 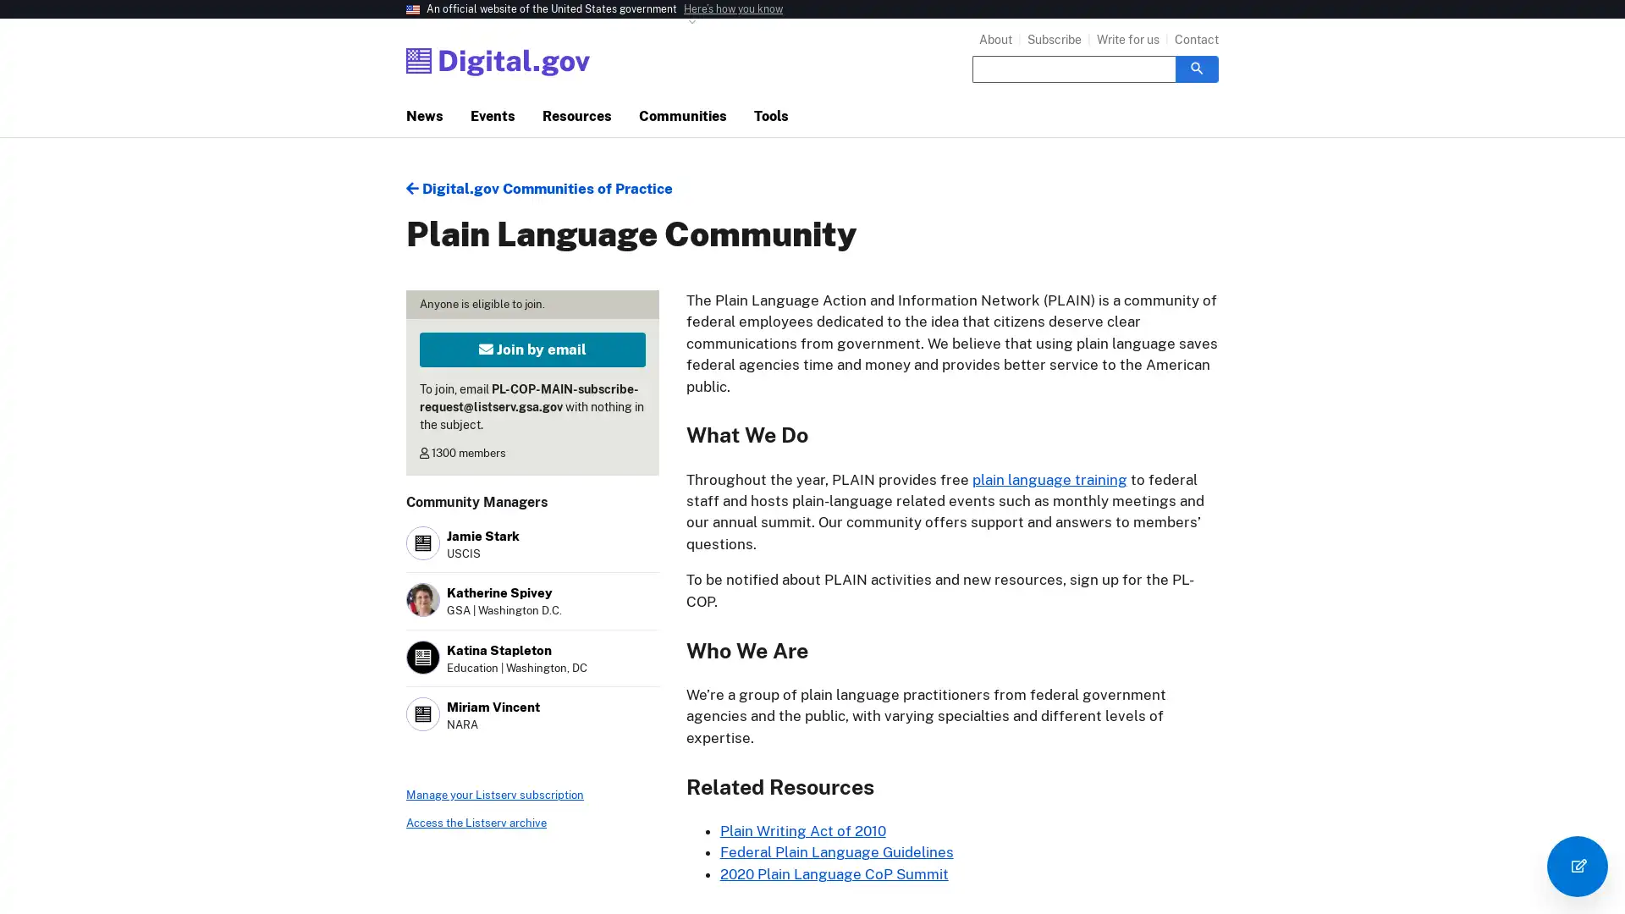 I want to click on Heres how you know, so click(x=733, y=9).